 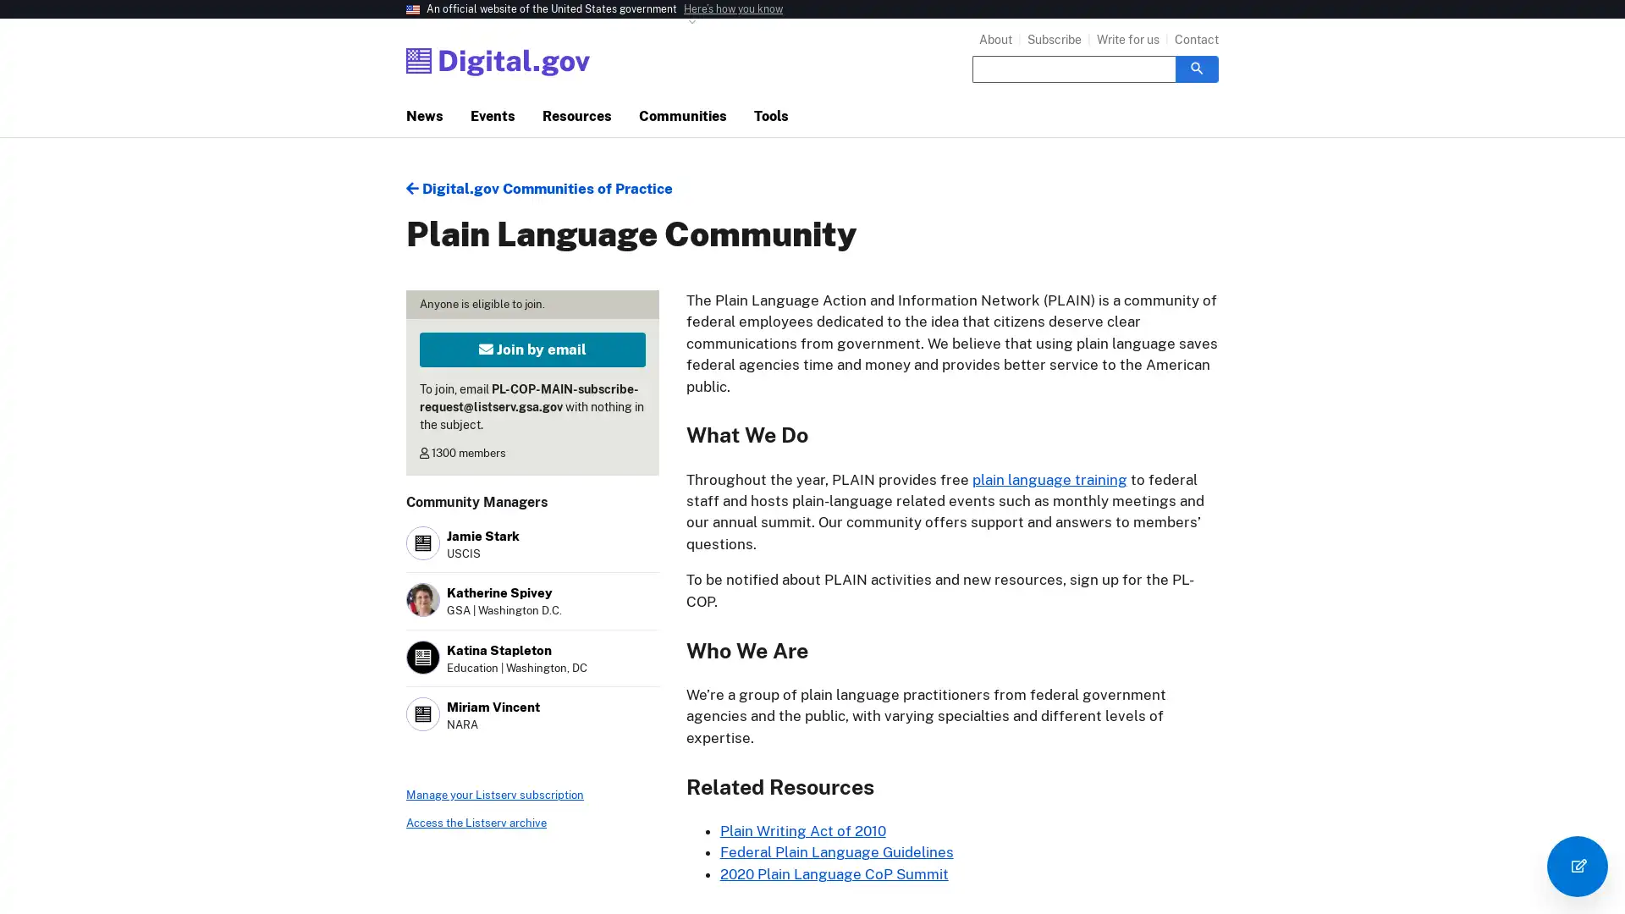 I want to click on Heres how you know, so click(x=733, y=9).